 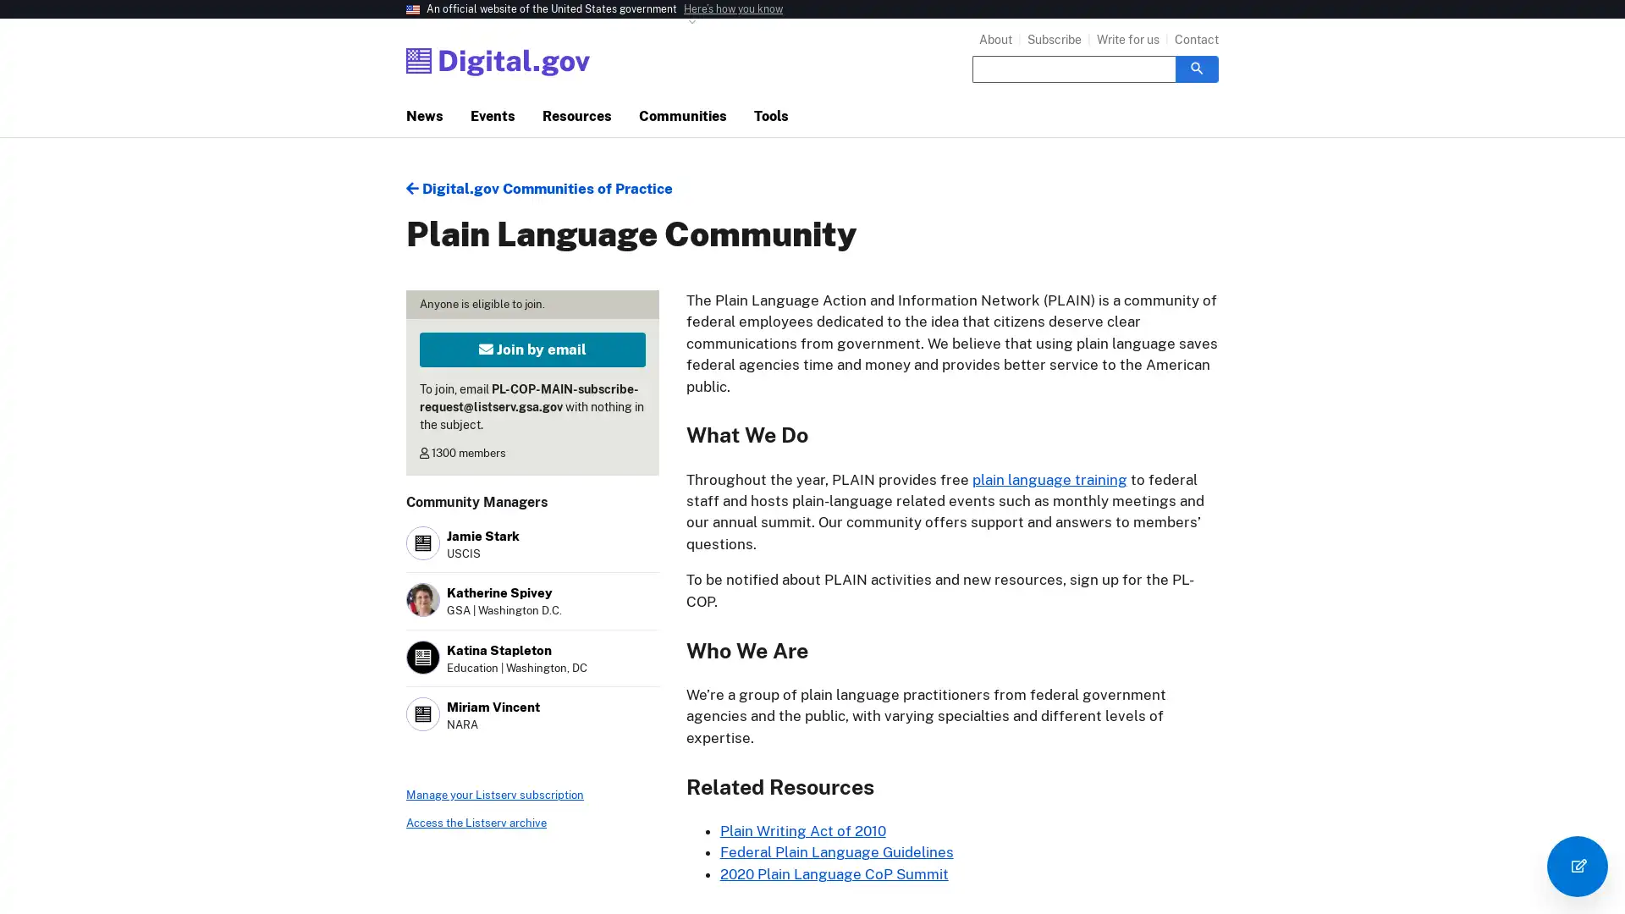 I want to click on Heres how you know, so click(x=733, y=9).